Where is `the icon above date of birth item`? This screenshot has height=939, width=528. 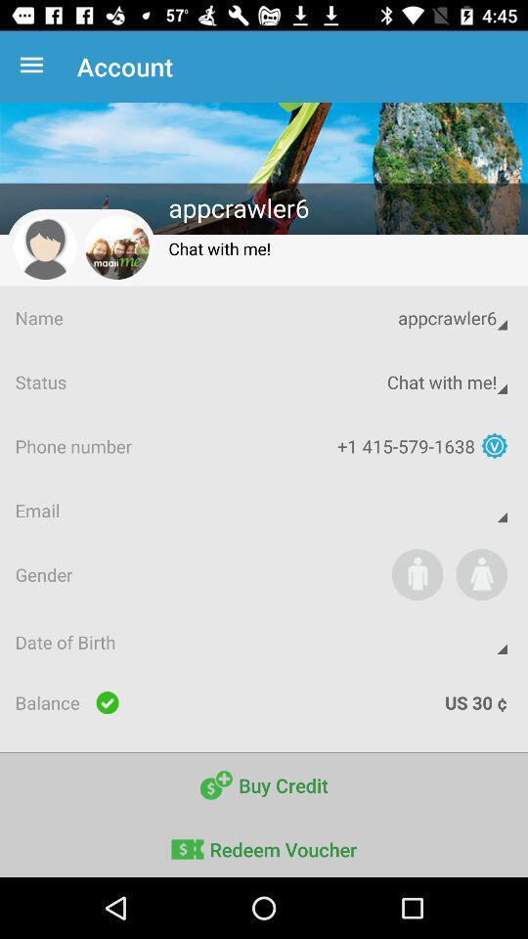
the icon above date of birth item is located at coordinates (417, 574).